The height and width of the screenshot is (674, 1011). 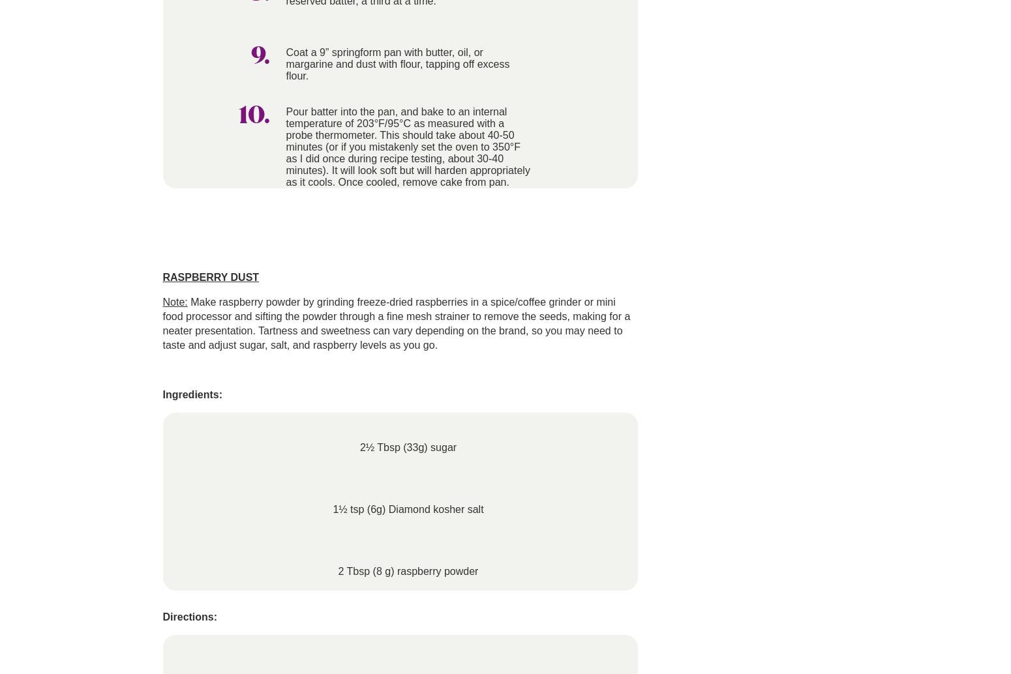 I want to click on 'Pour batter into the pan, and bake to an internal temperature of 203°F/95°C as measured with a probe thermometer. This should take about 40-50 minutes (or if you mistakenly set the oven to 350°F as I did once during recipe testing, about 30-40 minutes). It will look soft but will harden appropriately as it cools. Once cooled, remove cake from pan.', so click(x=406, y=147).